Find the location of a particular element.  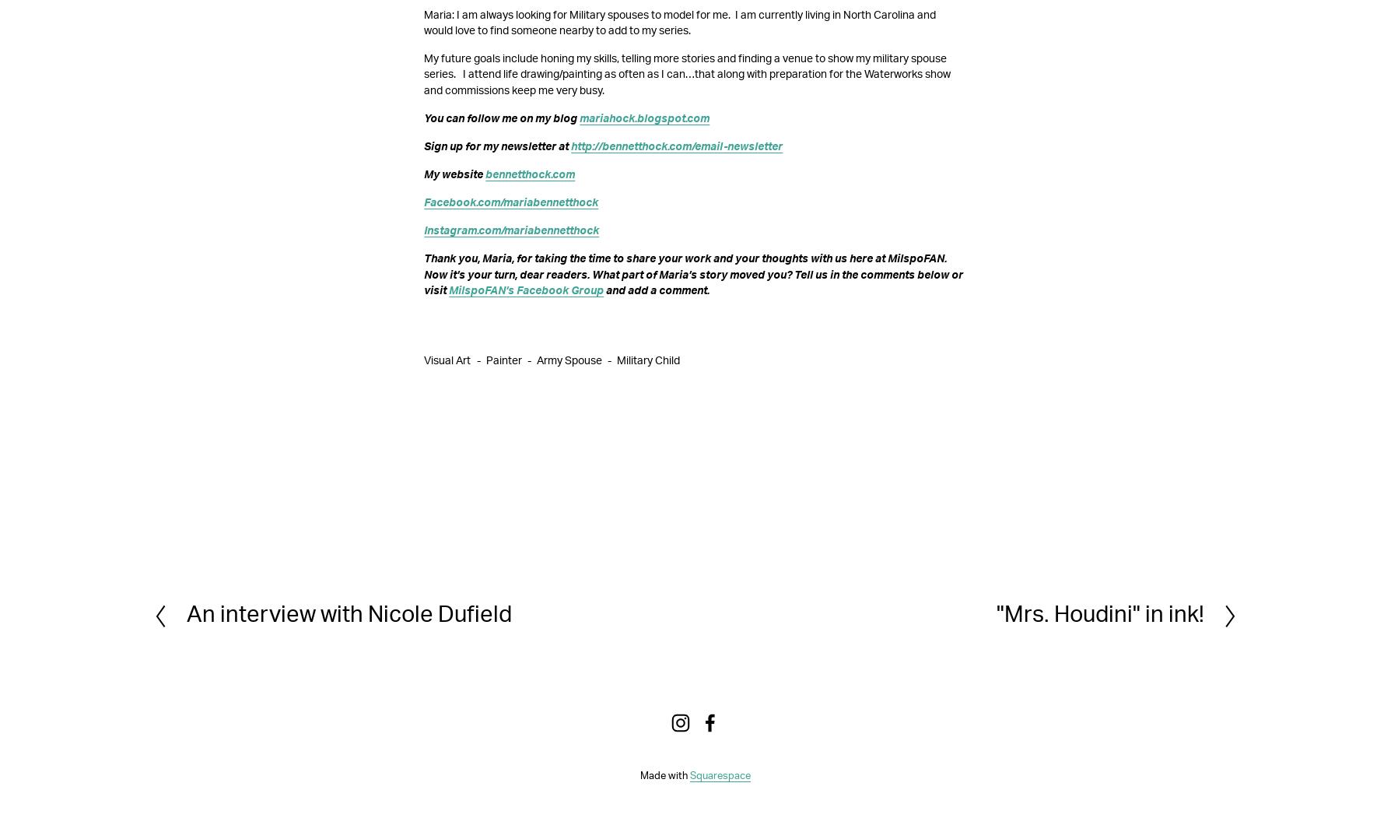

'http://bennetthock.com/email-newsletter' is located at coordinates (676, 146).